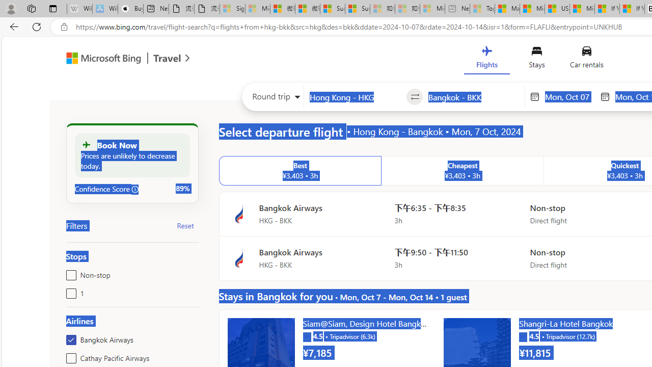 The image size is (652, 367). I want to click on 'Class: autosuggest-container full-height no-y-padding', so click(473, 97).